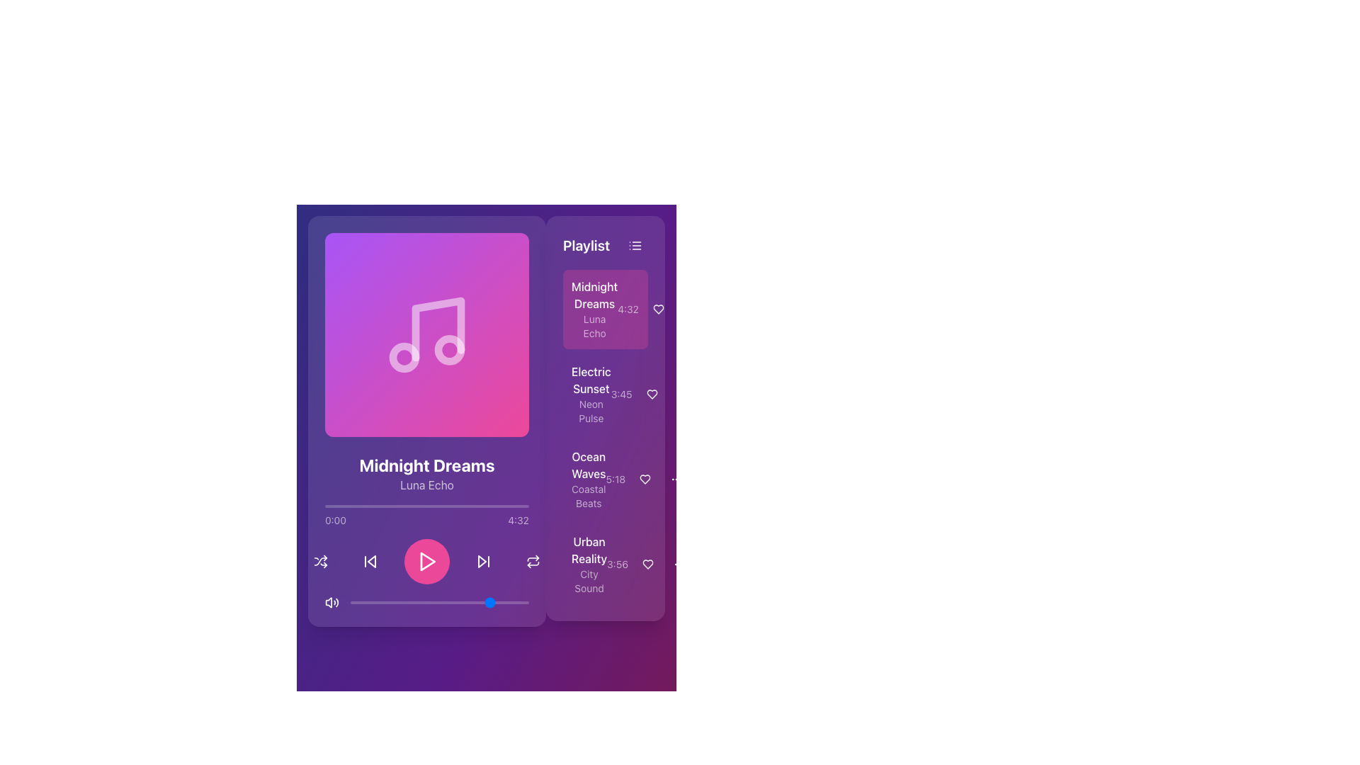 The image size is (1360, 765). Describe the element at coordinates (426, 561) in the screenshot. I see `the main play or pause button located centrally beneath the progress bar of the music player interface for keyboard interactions` at that location.